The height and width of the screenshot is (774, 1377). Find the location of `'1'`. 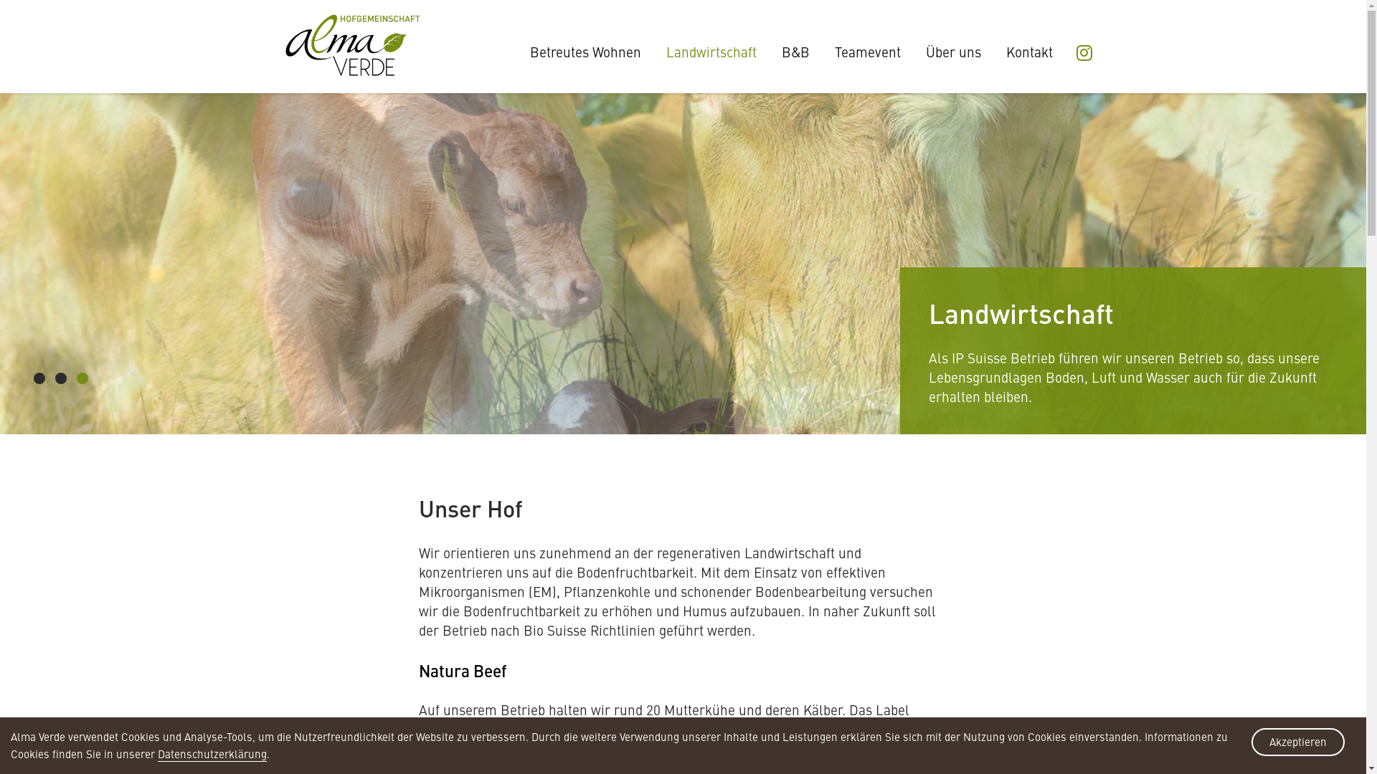

'1' is located at coordinates (34, 378).